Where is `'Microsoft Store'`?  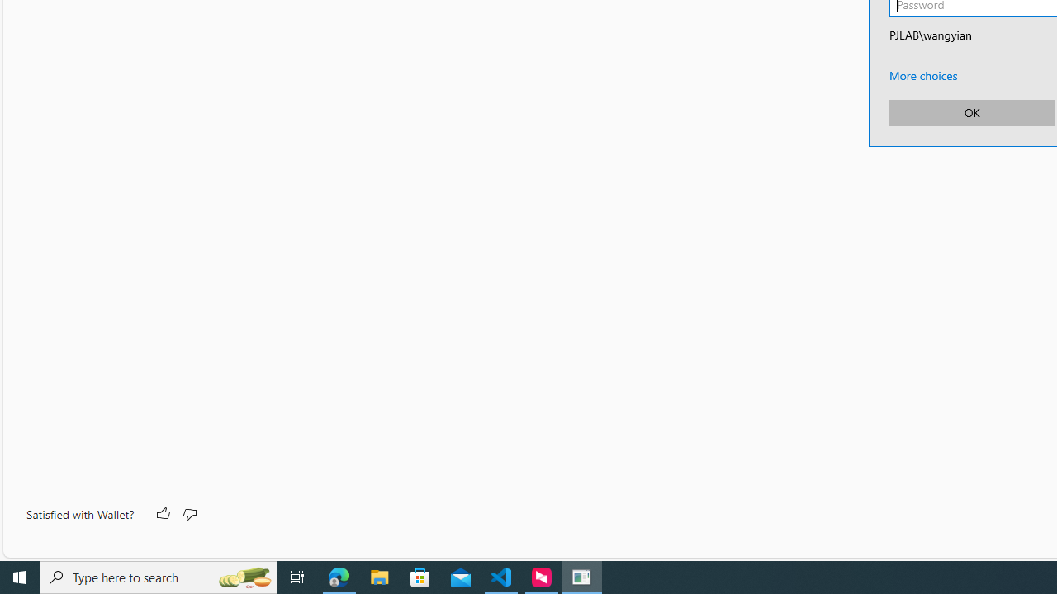 'Microsoft Store' is located at coordinates (420, 576).